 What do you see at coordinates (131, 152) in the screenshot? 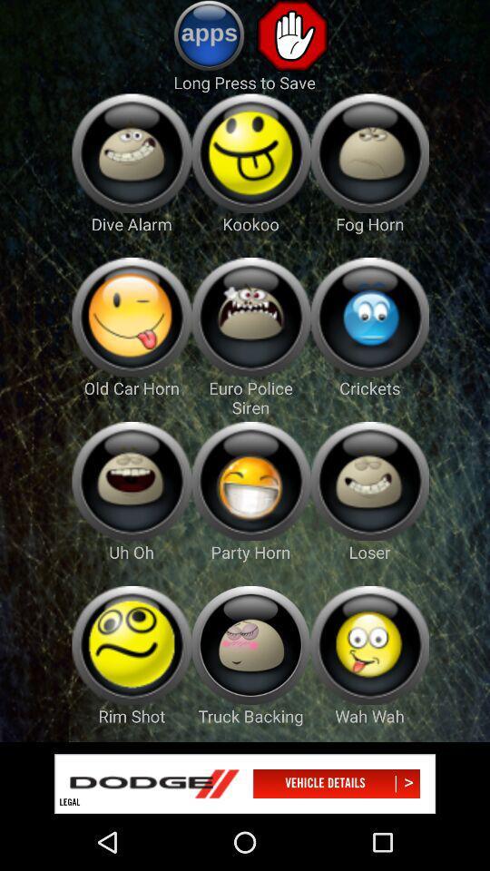
I see `dive alarm button` at bounding box center [131, 152].